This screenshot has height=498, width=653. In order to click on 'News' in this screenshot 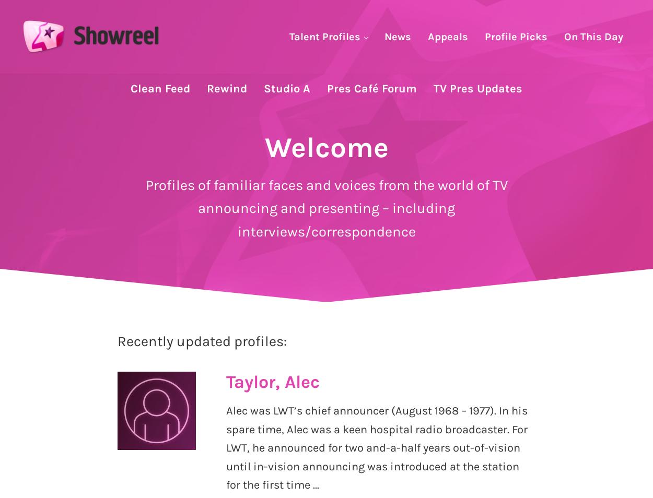, I will do `click(398, 35)`.